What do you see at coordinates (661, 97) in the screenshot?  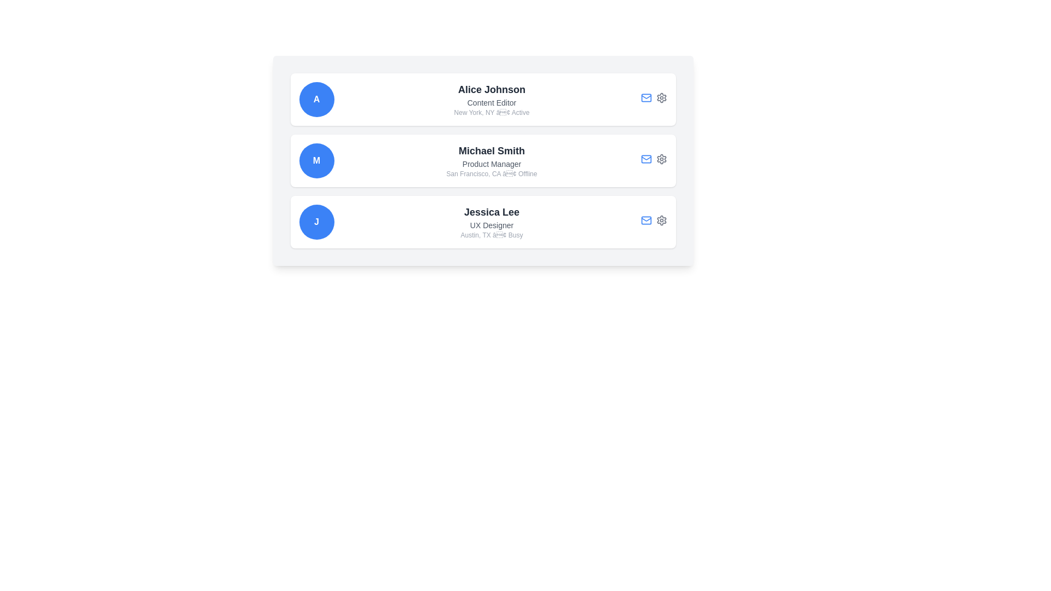 I see `the gear icon button located on the rightmost segment of the top entry in the user list` at bounding box center [661, 97].